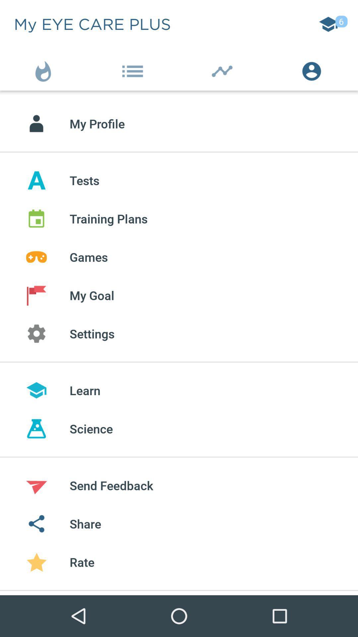  Describe the element at coordinates (45, 70) in the screenshot. I see `the icon next to    item` at that location.